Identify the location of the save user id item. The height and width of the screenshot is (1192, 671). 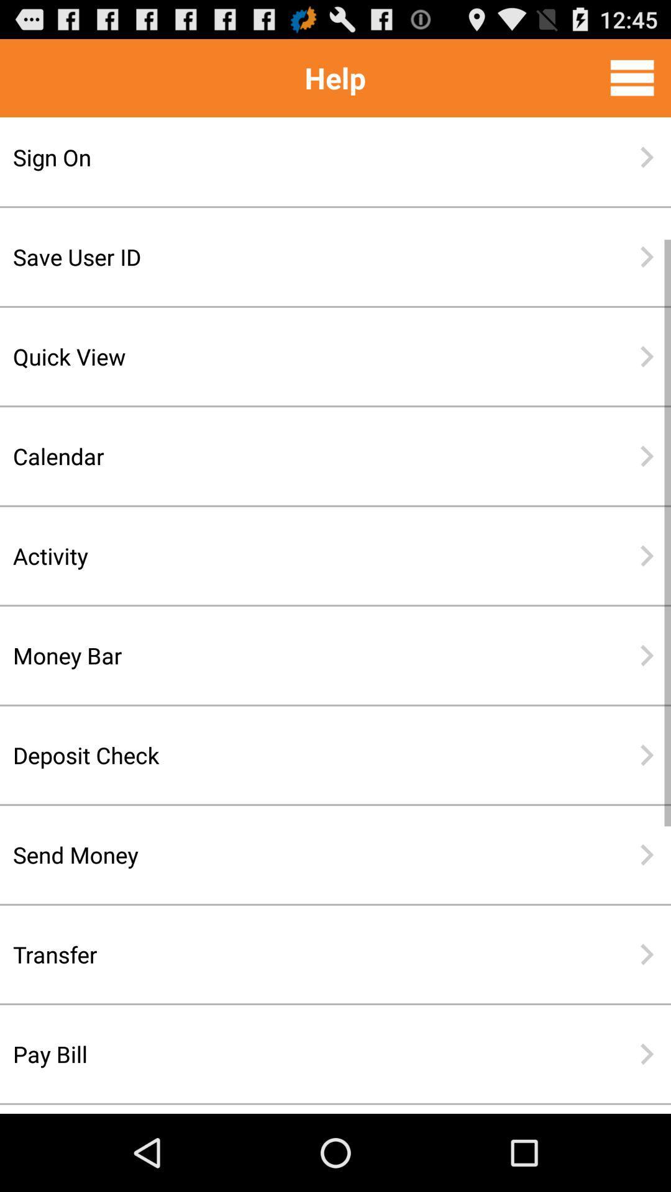
(295, 256).